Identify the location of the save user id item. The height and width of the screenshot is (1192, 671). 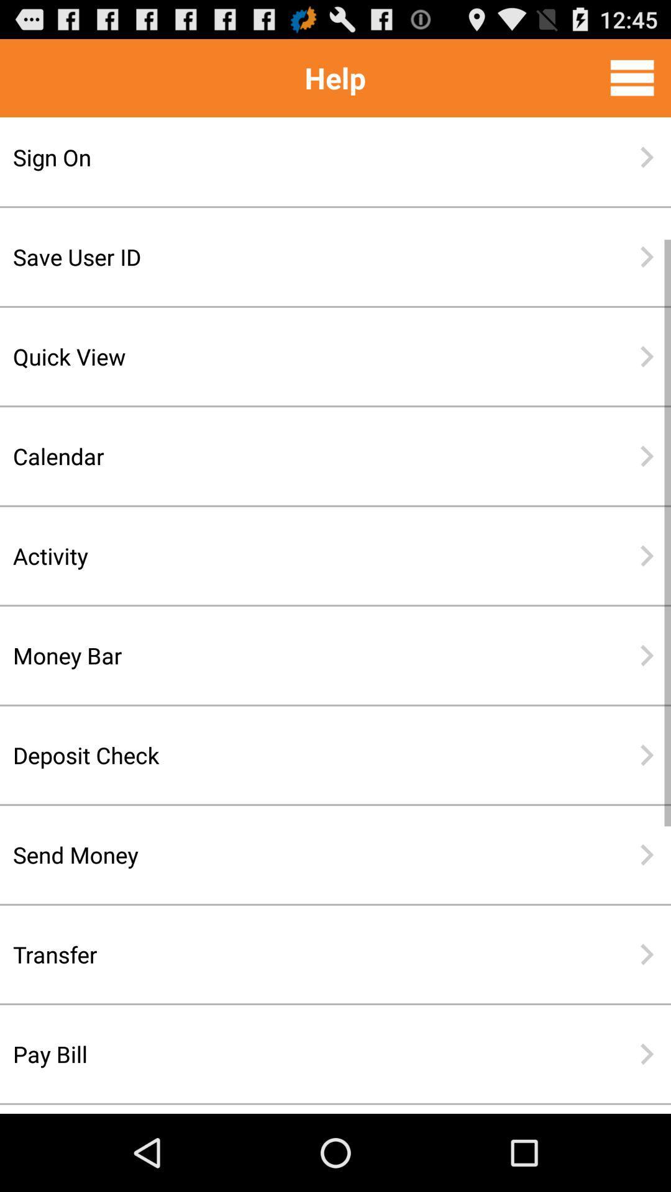
(295, 256).